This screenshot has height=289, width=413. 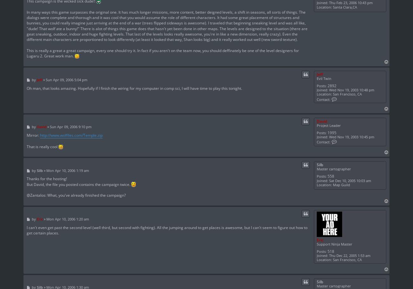 I want to click on 'But David, the file you posted contains the campaign twice.', so click(x=78, y=184).